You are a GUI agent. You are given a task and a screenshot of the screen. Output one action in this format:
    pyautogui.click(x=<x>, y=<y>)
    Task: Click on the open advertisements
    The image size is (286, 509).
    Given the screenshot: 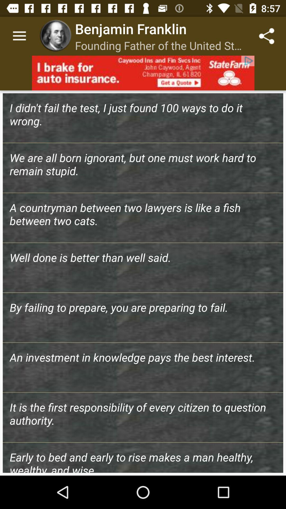 What is the action you would take?
    pyautogui.click(x=143, y=73)
    